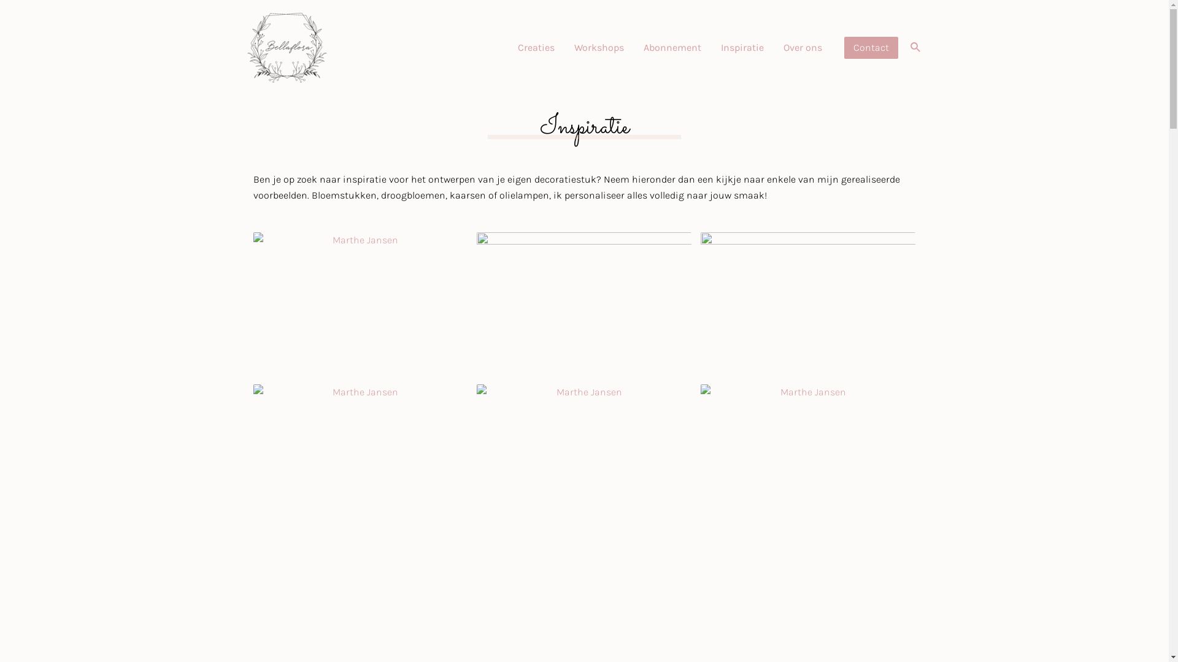 The image size is (1178, 662). Describe the element at coordinates (803, 47) in the screenshot. I see `'Over ons'` at that location.